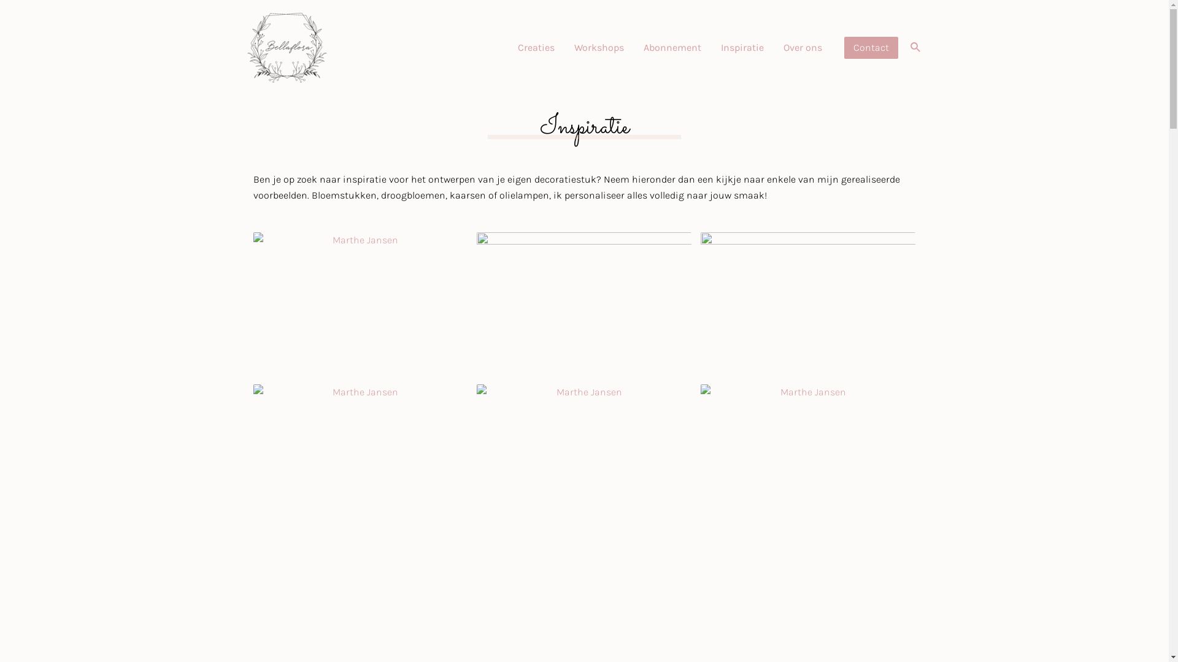 The image size is (1178, 662). Describe the element at coordinates (803, 47) in the screenshot. I see `'Over ons'` at that location.